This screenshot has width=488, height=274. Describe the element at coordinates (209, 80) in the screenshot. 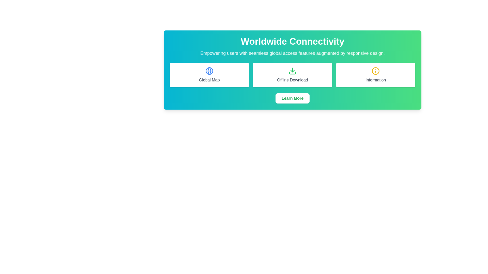

I see `the 'Global Map' text label, which is styled with a medium font weight and gray color, positioned below a globe icon in the leftmost card of a horizontally aligned group of three cards` at that location.